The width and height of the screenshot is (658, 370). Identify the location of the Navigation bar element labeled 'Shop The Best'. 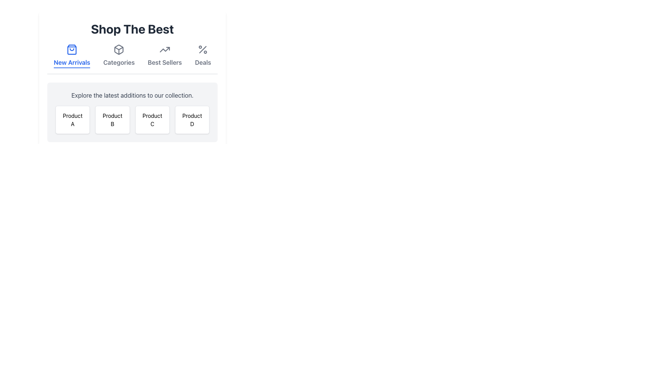
(132, 59).